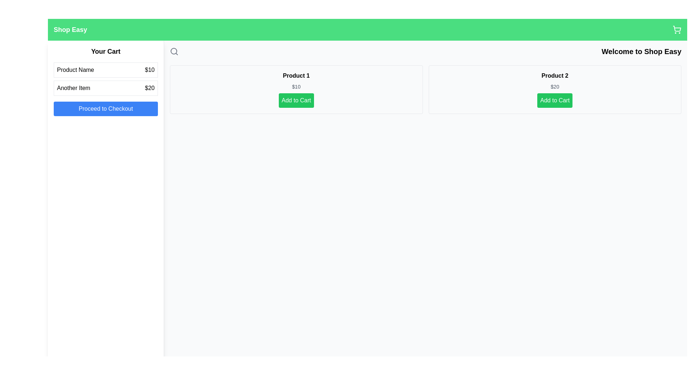 The width and height of the screenshot is (697, 392). I want to click on and acknowledge the value of the text label displaying '$20' in black font, located in the cart section under 'Another Item', which is the second price display within the cart, so click(149, 88).